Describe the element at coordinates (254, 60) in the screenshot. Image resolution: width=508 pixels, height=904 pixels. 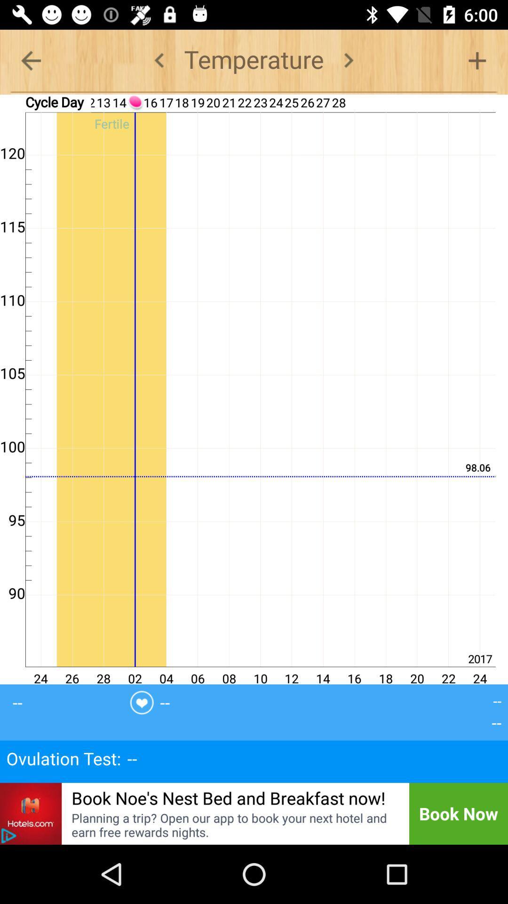
I see `temperature icon` at that location.